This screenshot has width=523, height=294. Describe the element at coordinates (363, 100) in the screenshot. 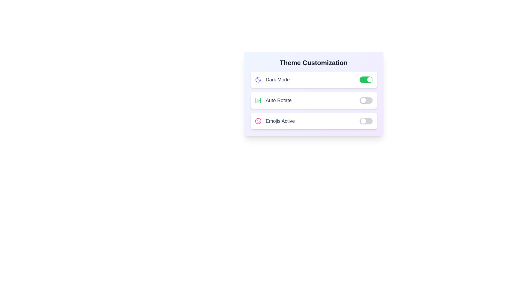

I see `the circular toggle handle of the 'Auto Rotate' toggle switch` at that location.